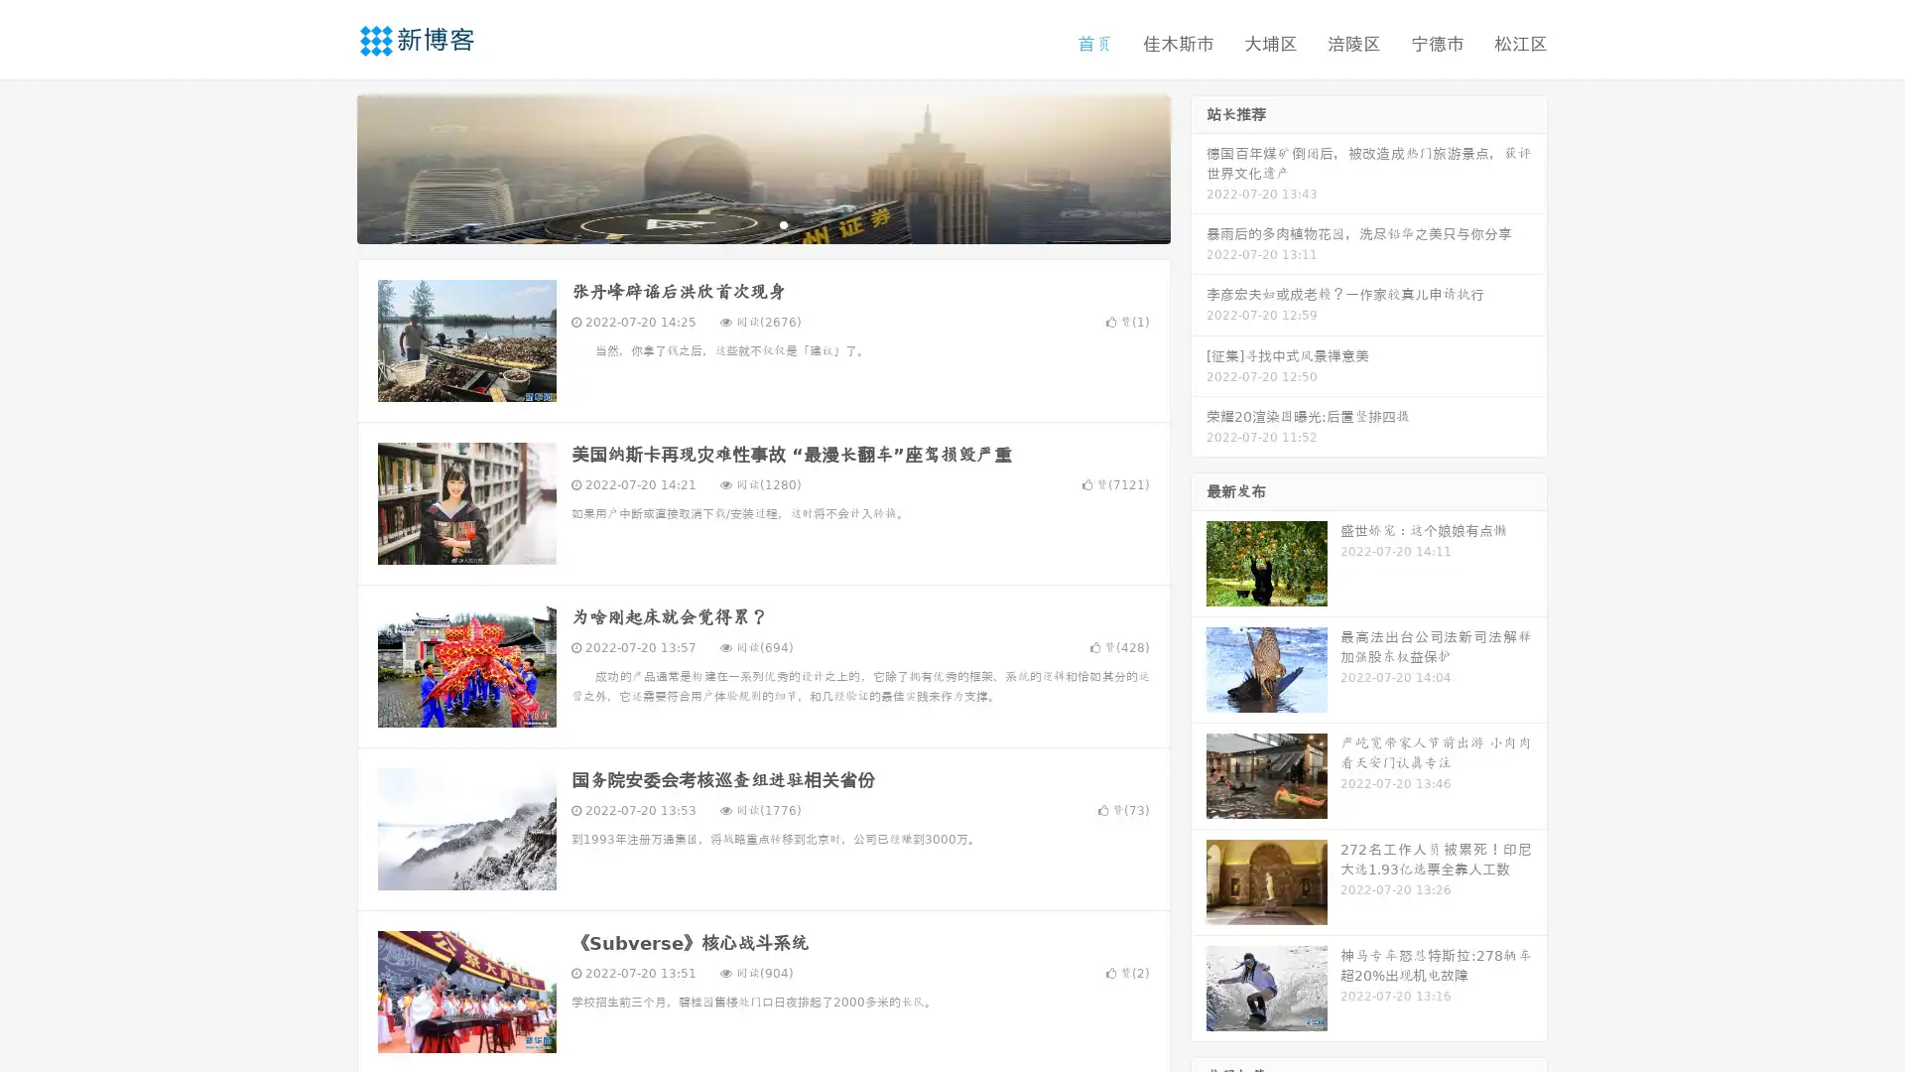 This screenshot has height=1072, width=1905. I want to click on Go to slide 2, so click(762, 223).